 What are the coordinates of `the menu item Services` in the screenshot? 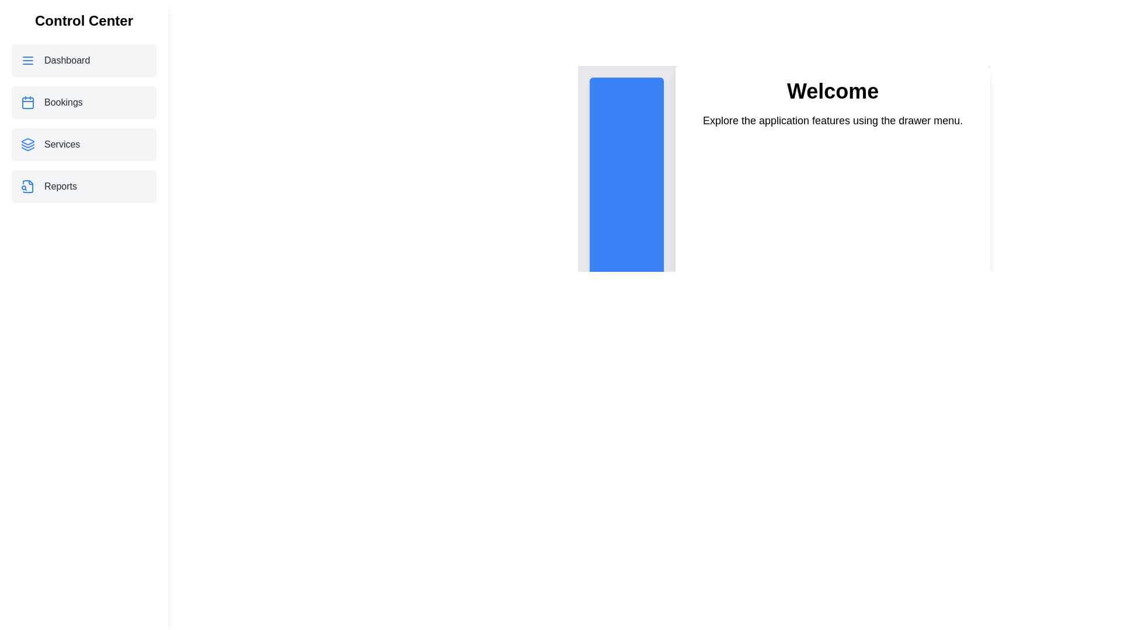 It's located at (83, 143).